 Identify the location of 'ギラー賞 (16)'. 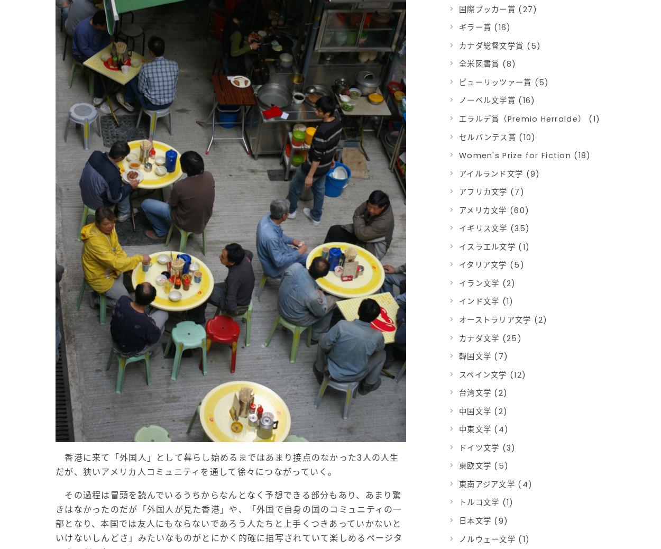
(485, 27).